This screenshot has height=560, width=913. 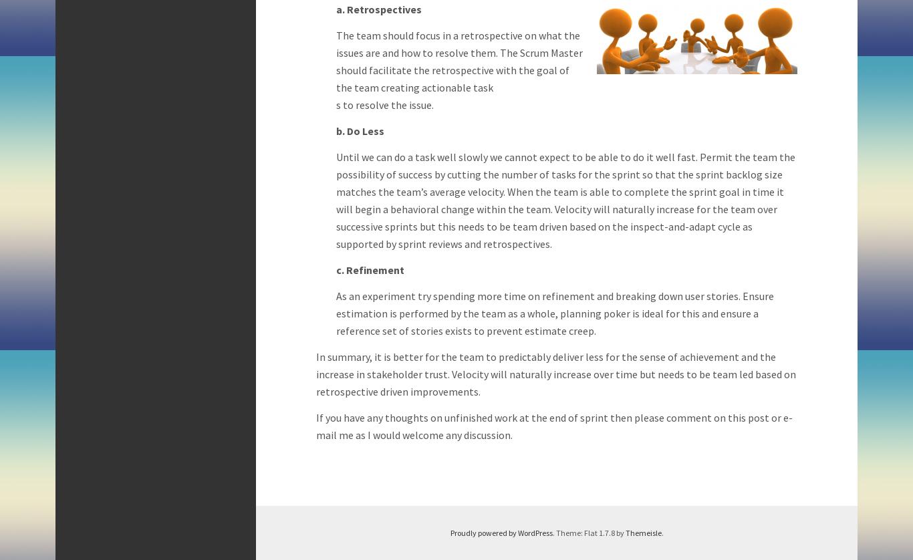 What do you see at coordinates (501, 532) in the screenshot?
I see `'Proudly powered by WordPress'` at bounding box center [501, 532].